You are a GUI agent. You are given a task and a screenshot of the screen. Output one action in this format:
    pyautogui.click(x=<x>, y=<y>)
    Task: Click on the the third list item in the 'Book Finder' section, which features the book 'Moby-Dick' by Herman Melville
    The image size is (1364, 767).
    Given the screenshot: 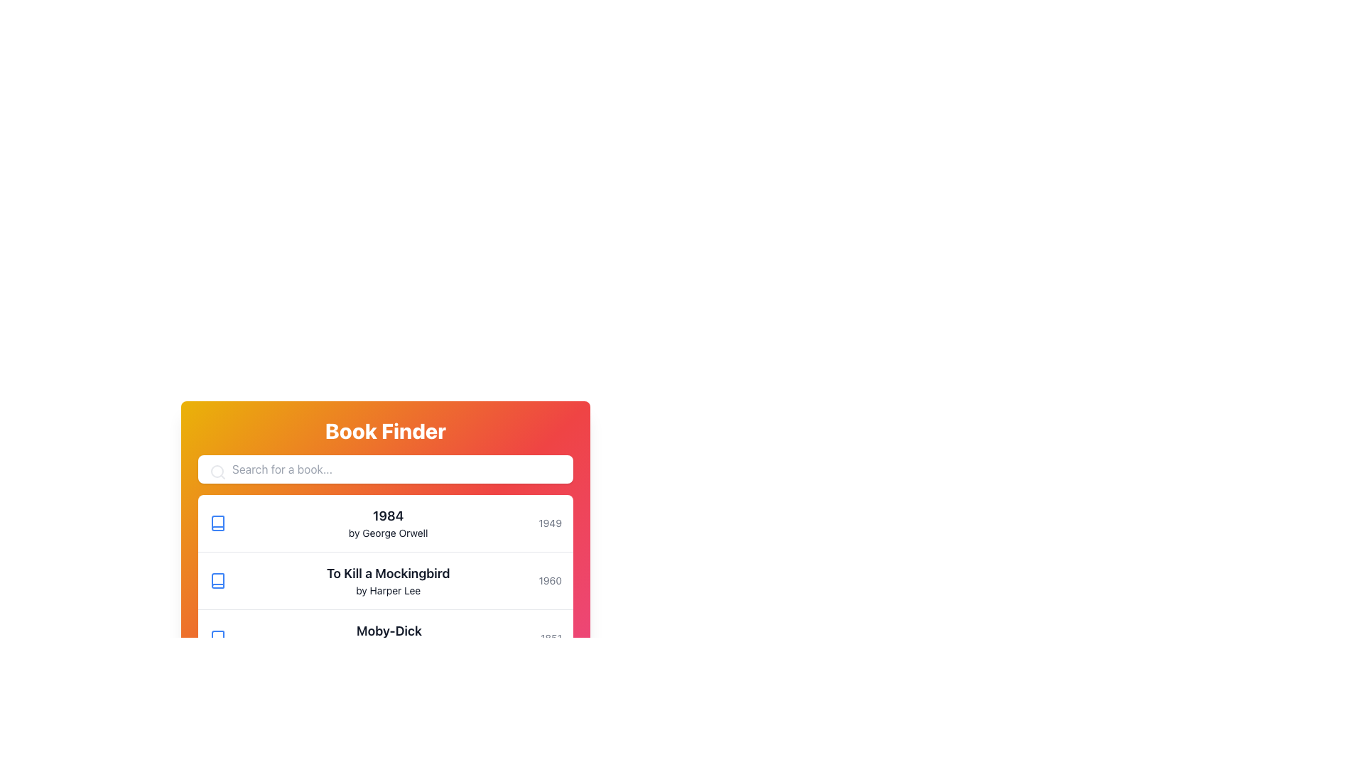 What is the action you would take?
    pyautogui.click(x=385, y=637)
    